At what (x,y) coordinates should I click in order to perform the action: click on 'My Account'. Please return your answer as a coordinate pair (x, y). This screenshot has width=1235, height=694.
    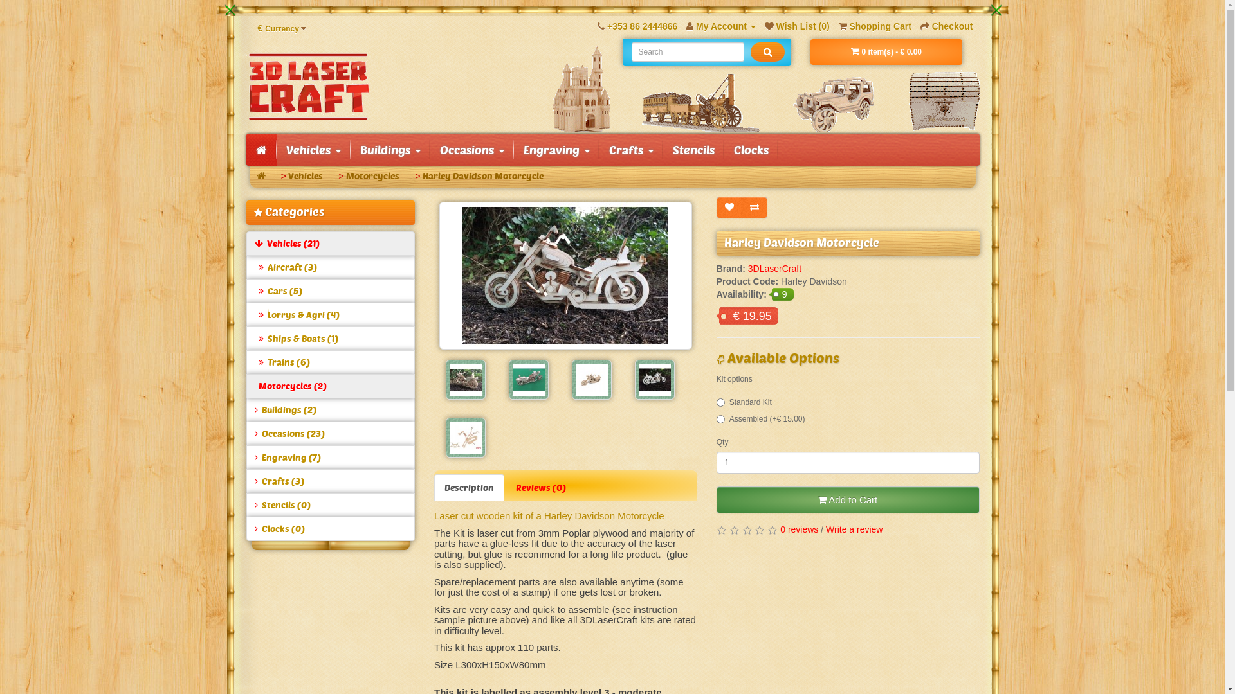
    Looking at the image, I should click on (721, 26).